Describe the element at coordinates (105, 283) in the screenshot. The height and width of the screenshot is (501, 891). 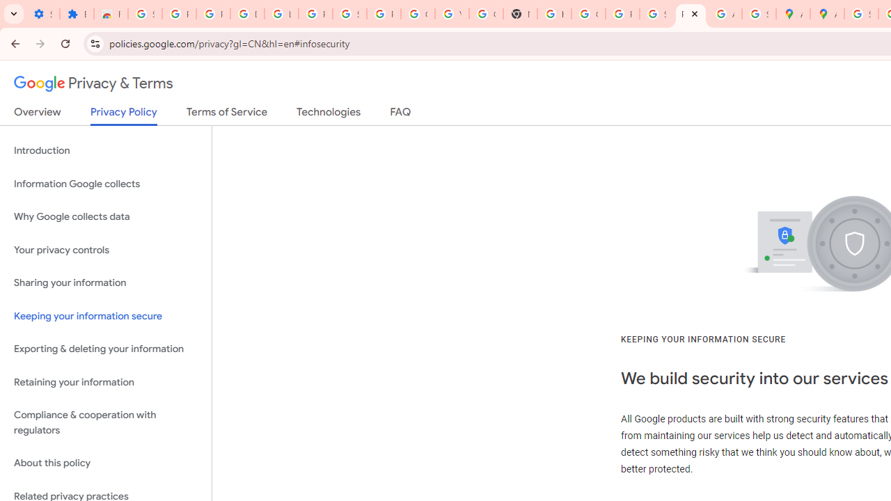
I see `'Sharing your information'` at that location.